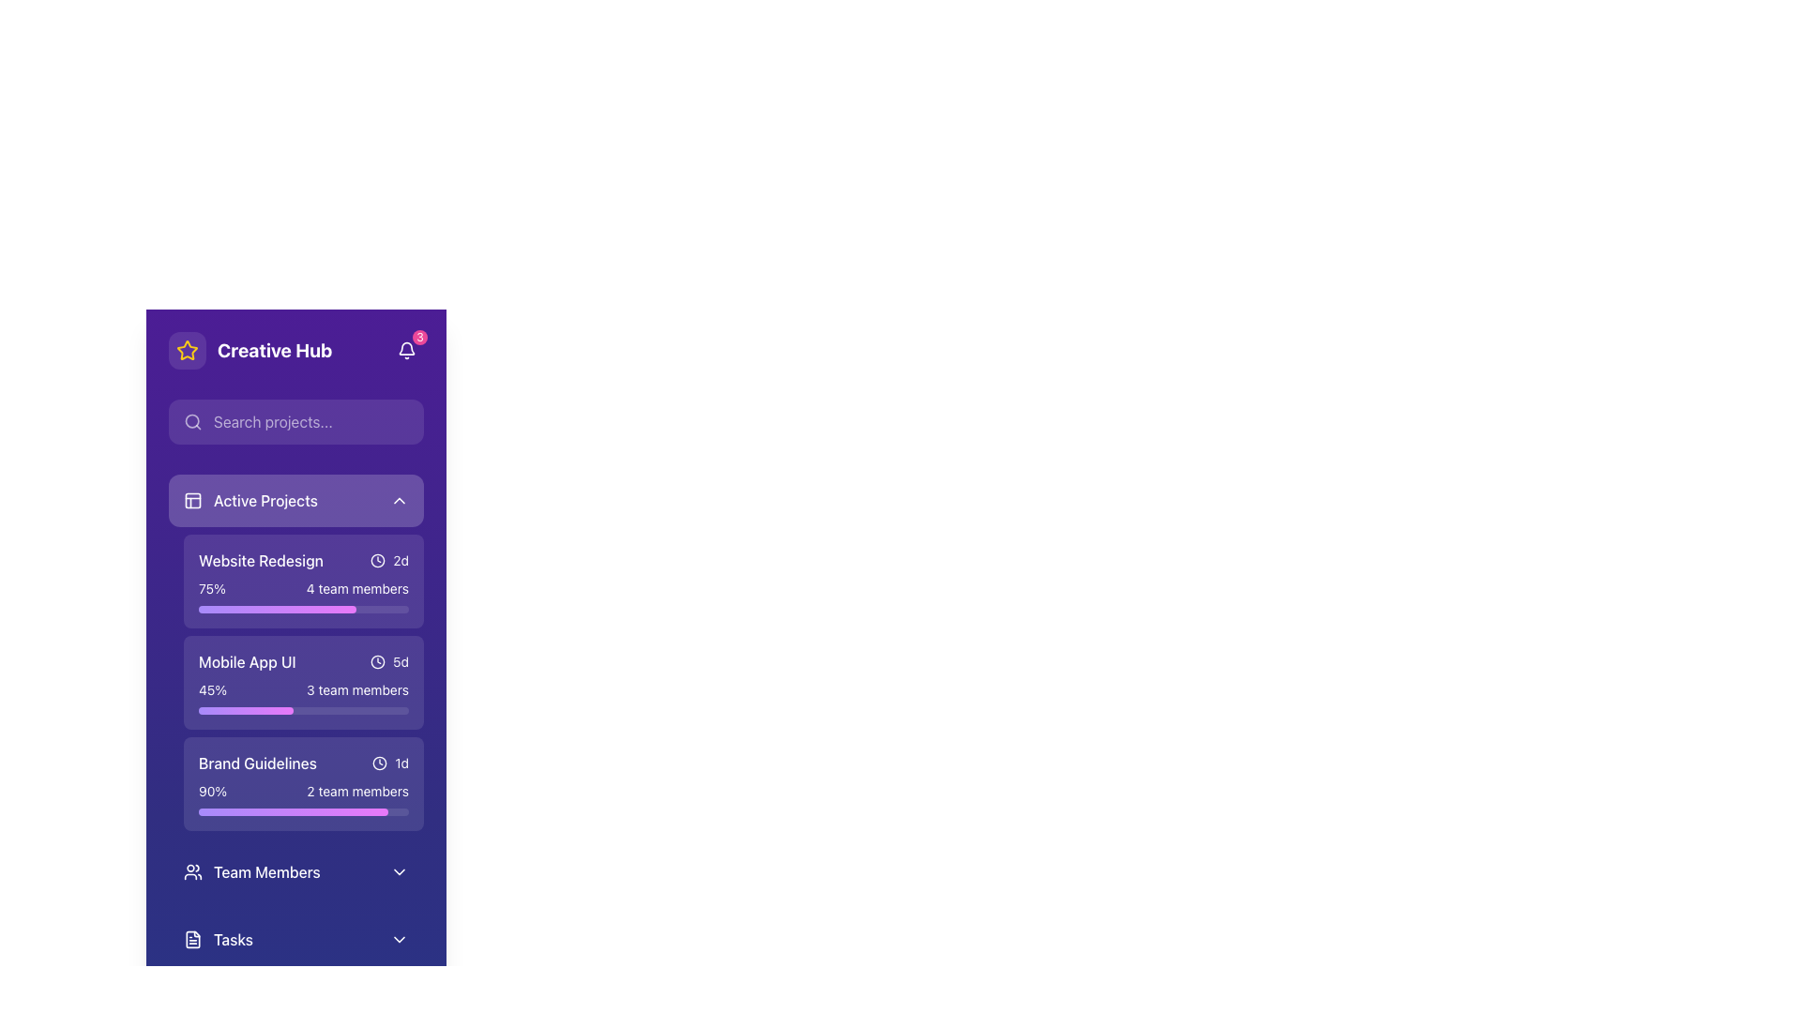 The width and height of the screenshot is (1801, 1013). I want to click on the progress bar, so click(331, 811).